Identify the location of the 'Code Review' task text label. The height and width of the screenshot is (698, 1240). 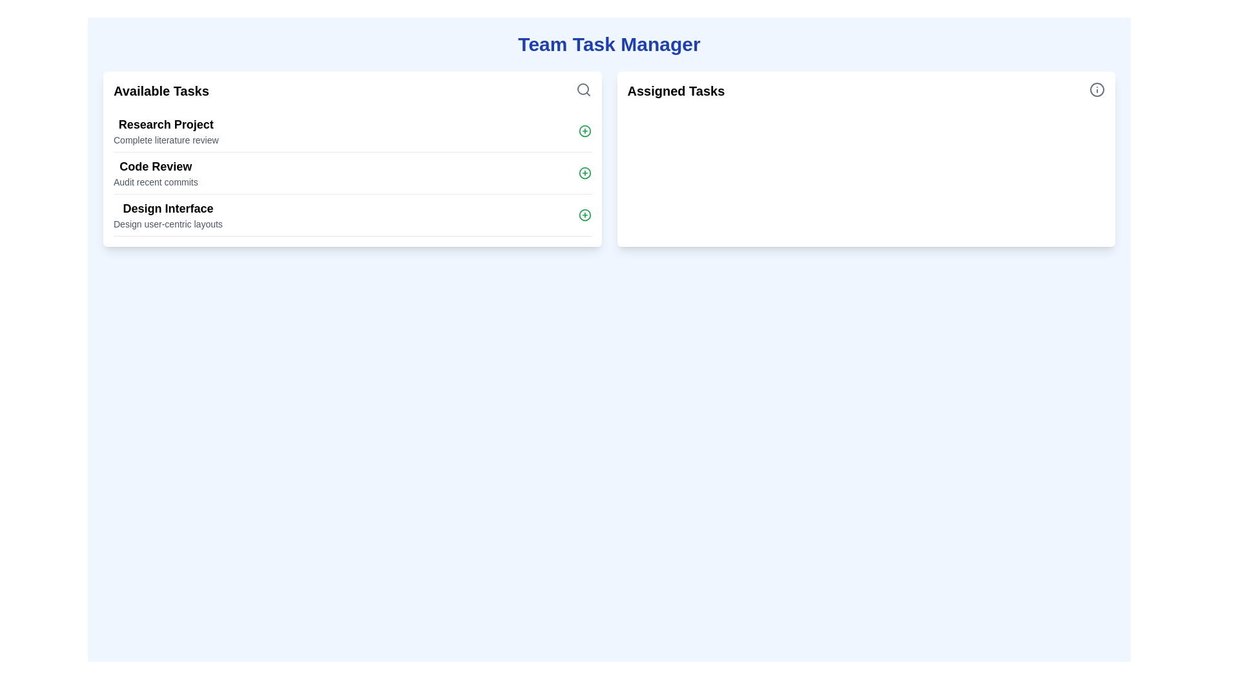
(155, 172).